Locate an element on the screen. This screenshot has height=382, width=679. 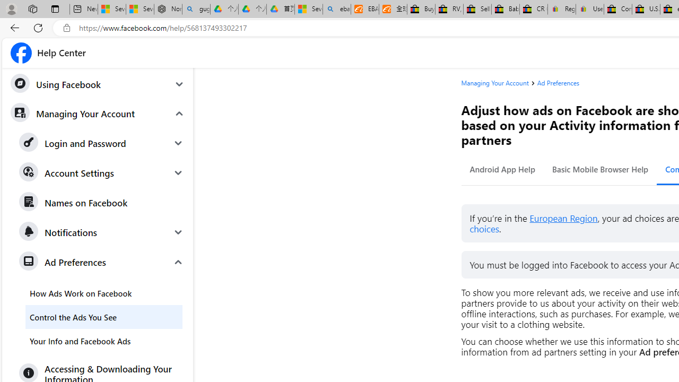
'Buy Auto Parts & Accessories | eBay' is located at coordinates (421, 9).